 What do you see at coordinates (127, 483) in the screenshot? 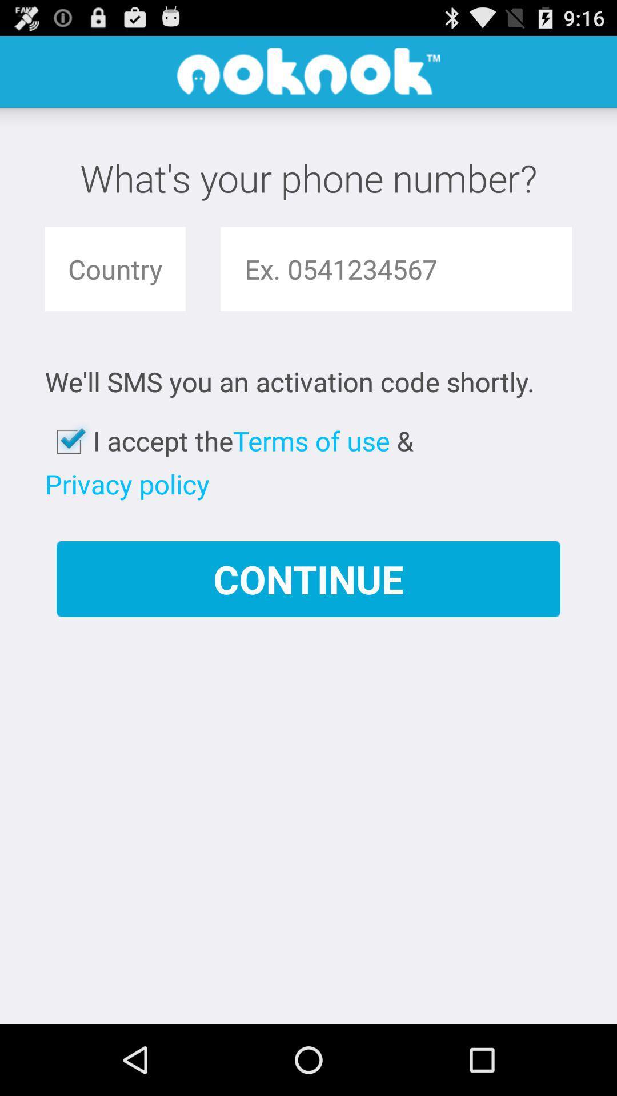
I see `the privacy policy app` at bounding box center [127, 483].